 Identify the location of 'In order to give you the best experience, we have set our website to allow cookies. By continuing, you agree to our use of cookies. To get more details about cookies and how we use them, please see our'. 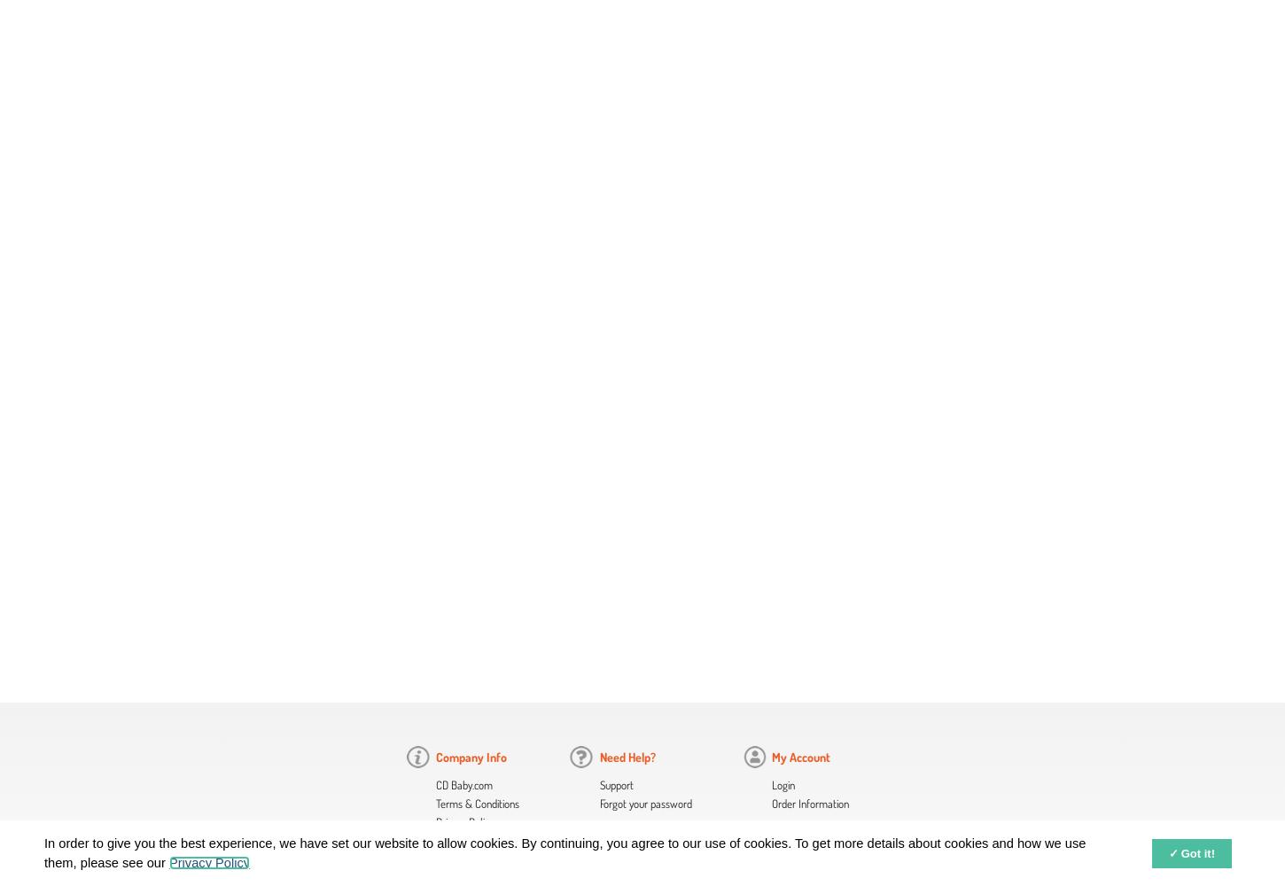
(44, 851).